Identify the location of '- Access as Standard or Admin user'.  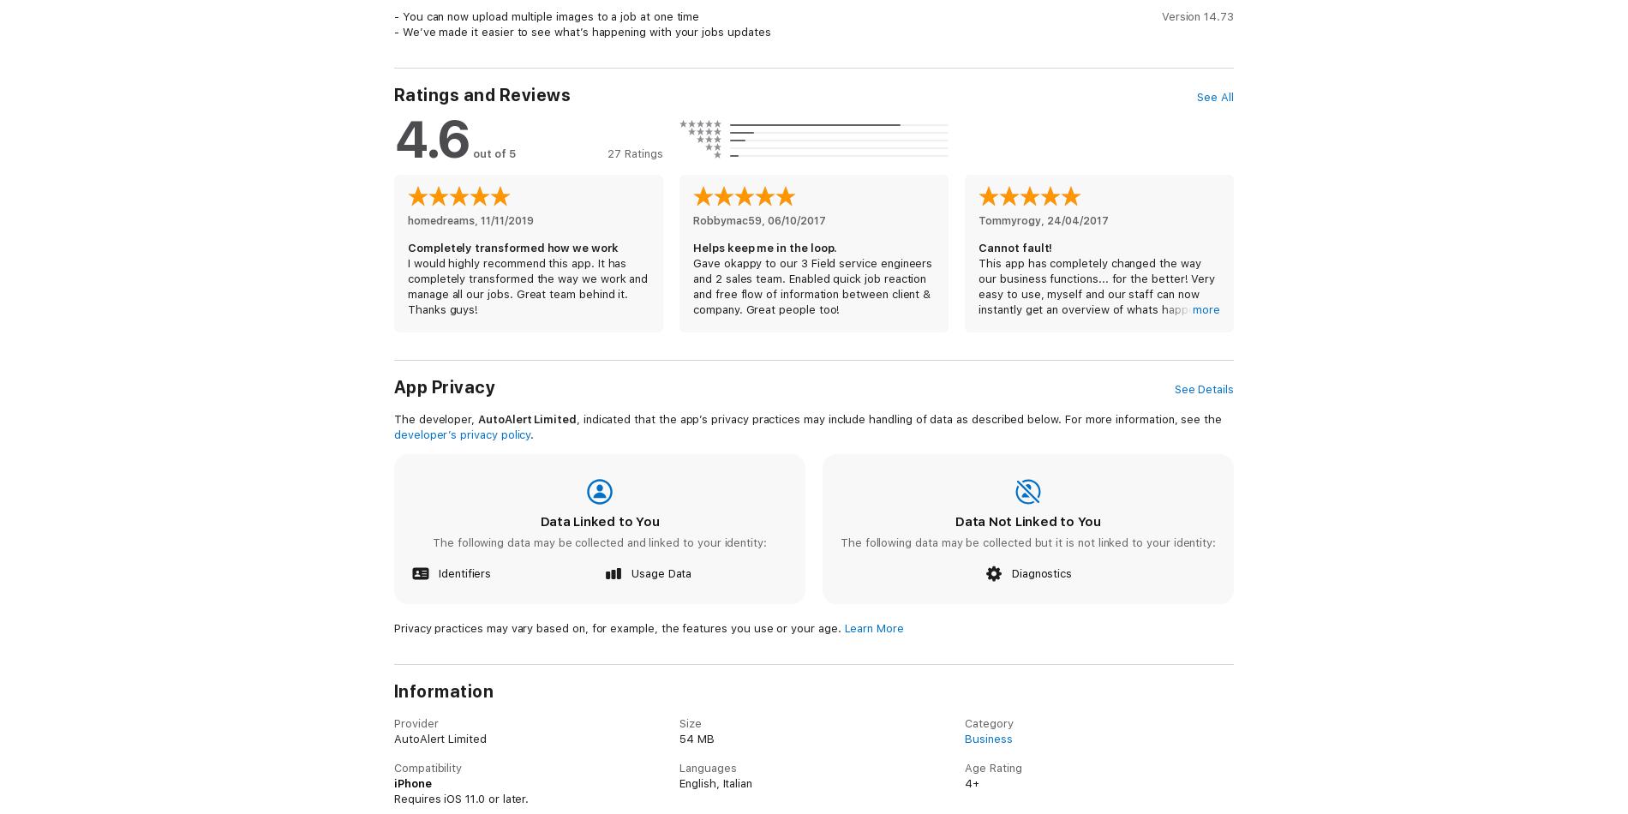
(488, 769).